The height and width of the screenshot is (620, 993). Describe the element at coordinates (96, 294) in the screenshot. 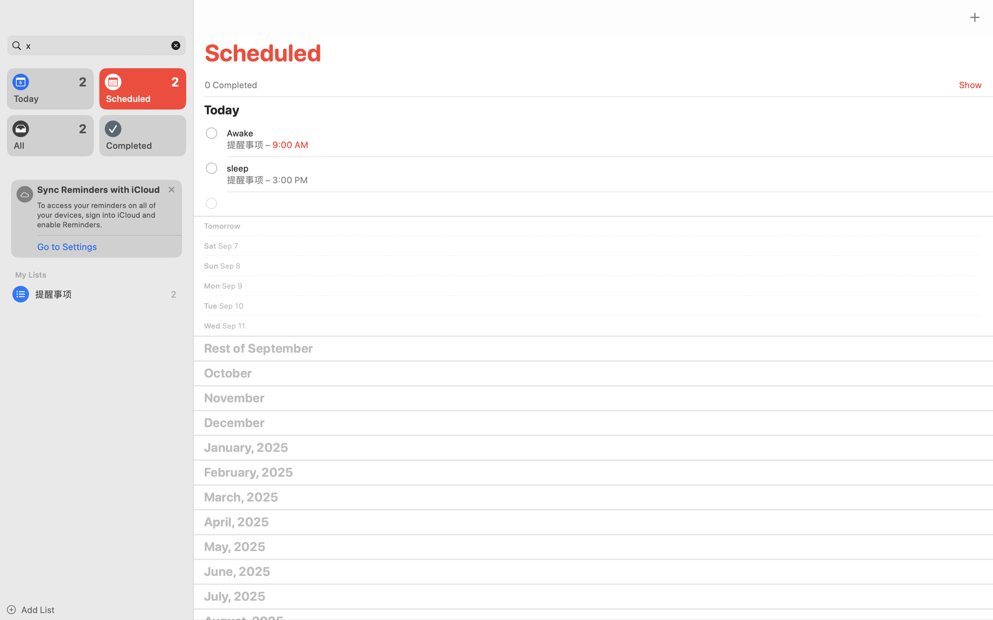

I see `'提醒事项'` at that location.